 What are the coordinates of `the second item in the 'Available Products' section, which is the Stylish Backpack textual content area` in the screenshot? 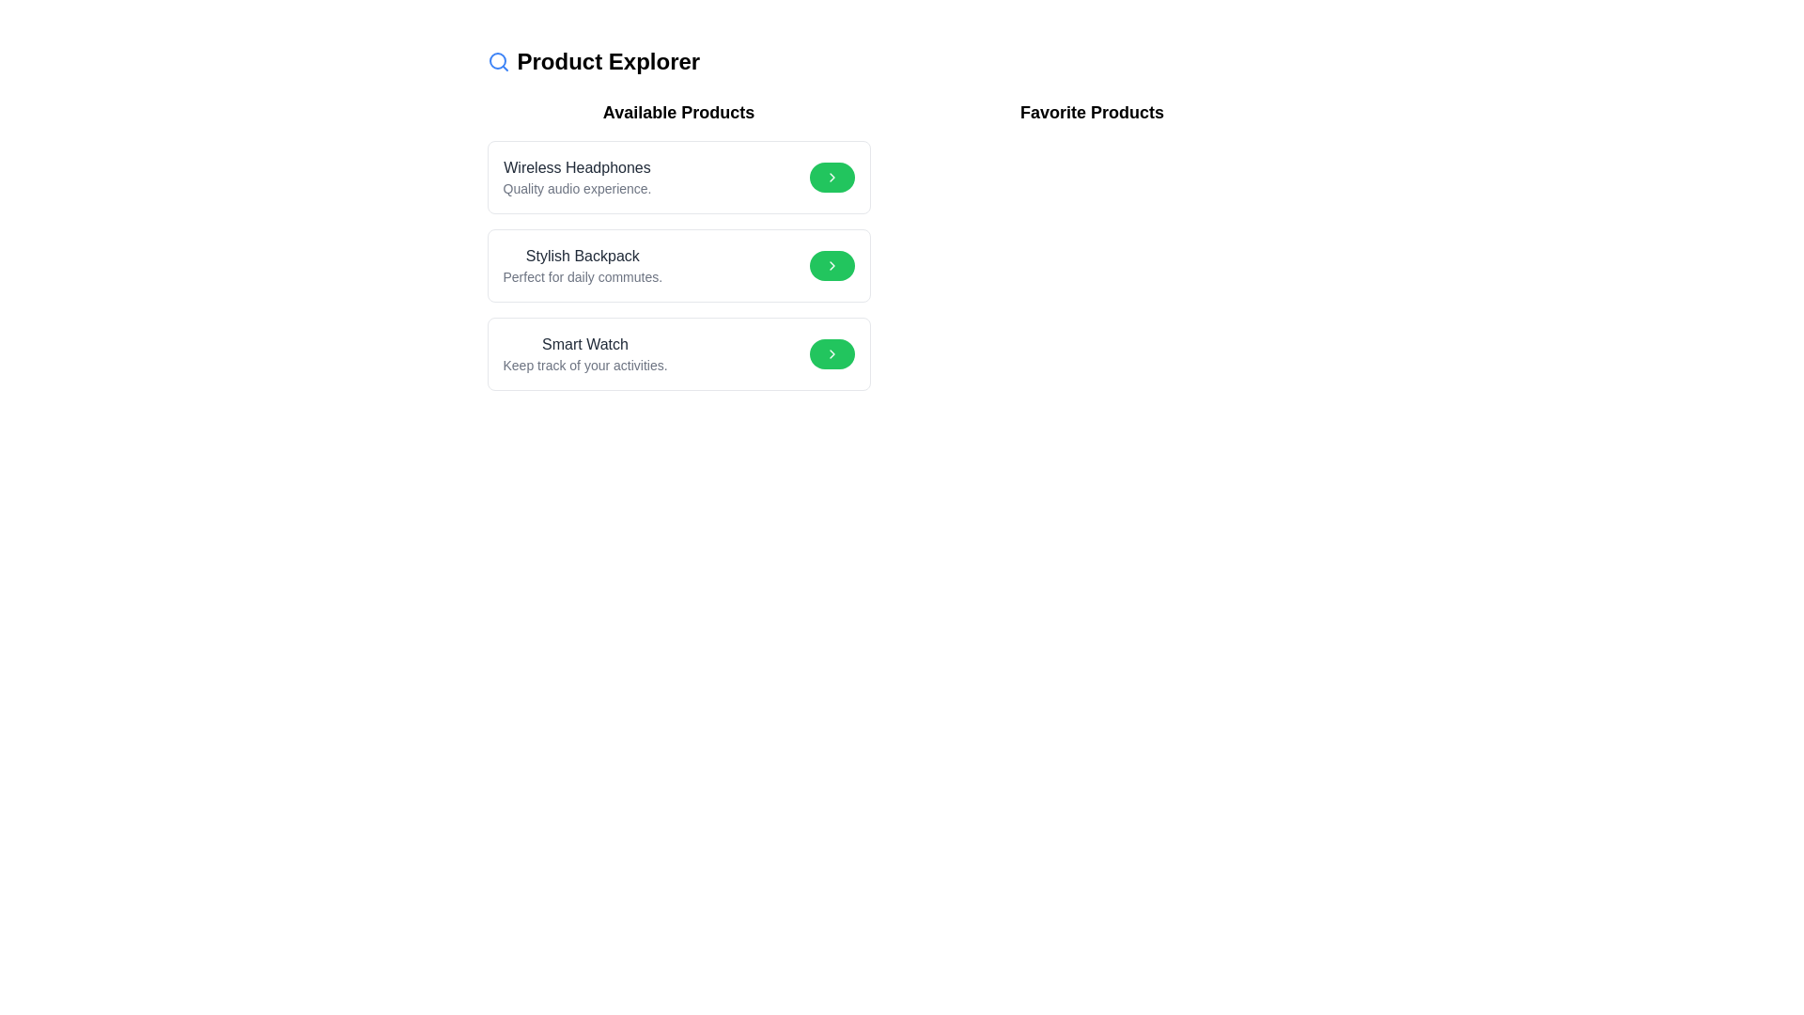 It's located at (677, 252).